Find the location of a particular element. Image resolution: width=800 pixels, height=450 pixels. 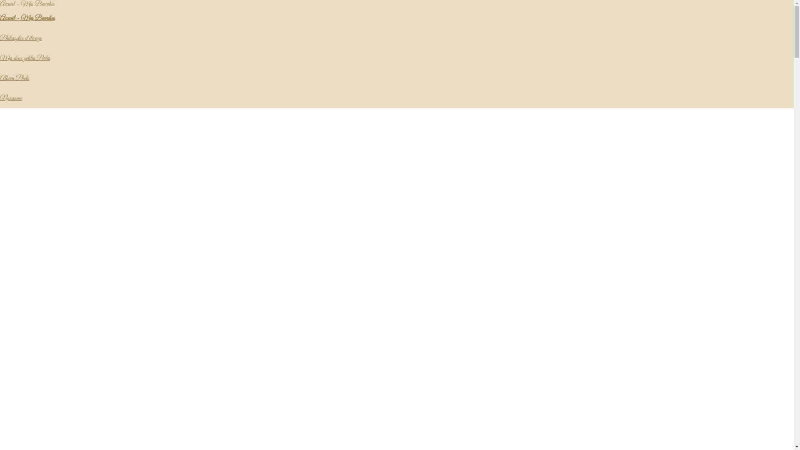

'Naissance' is located at coordinates (11, 97).